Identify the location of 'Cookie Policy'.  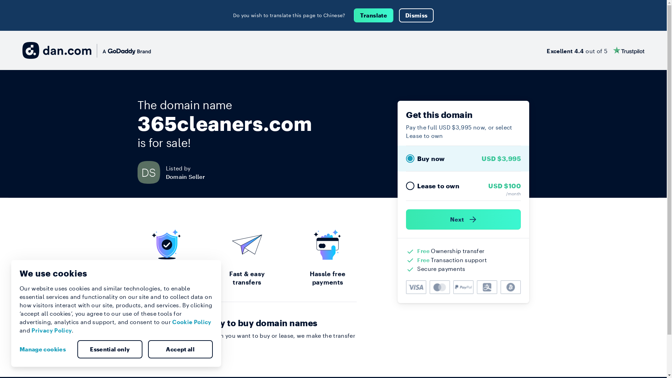
(191, 322).